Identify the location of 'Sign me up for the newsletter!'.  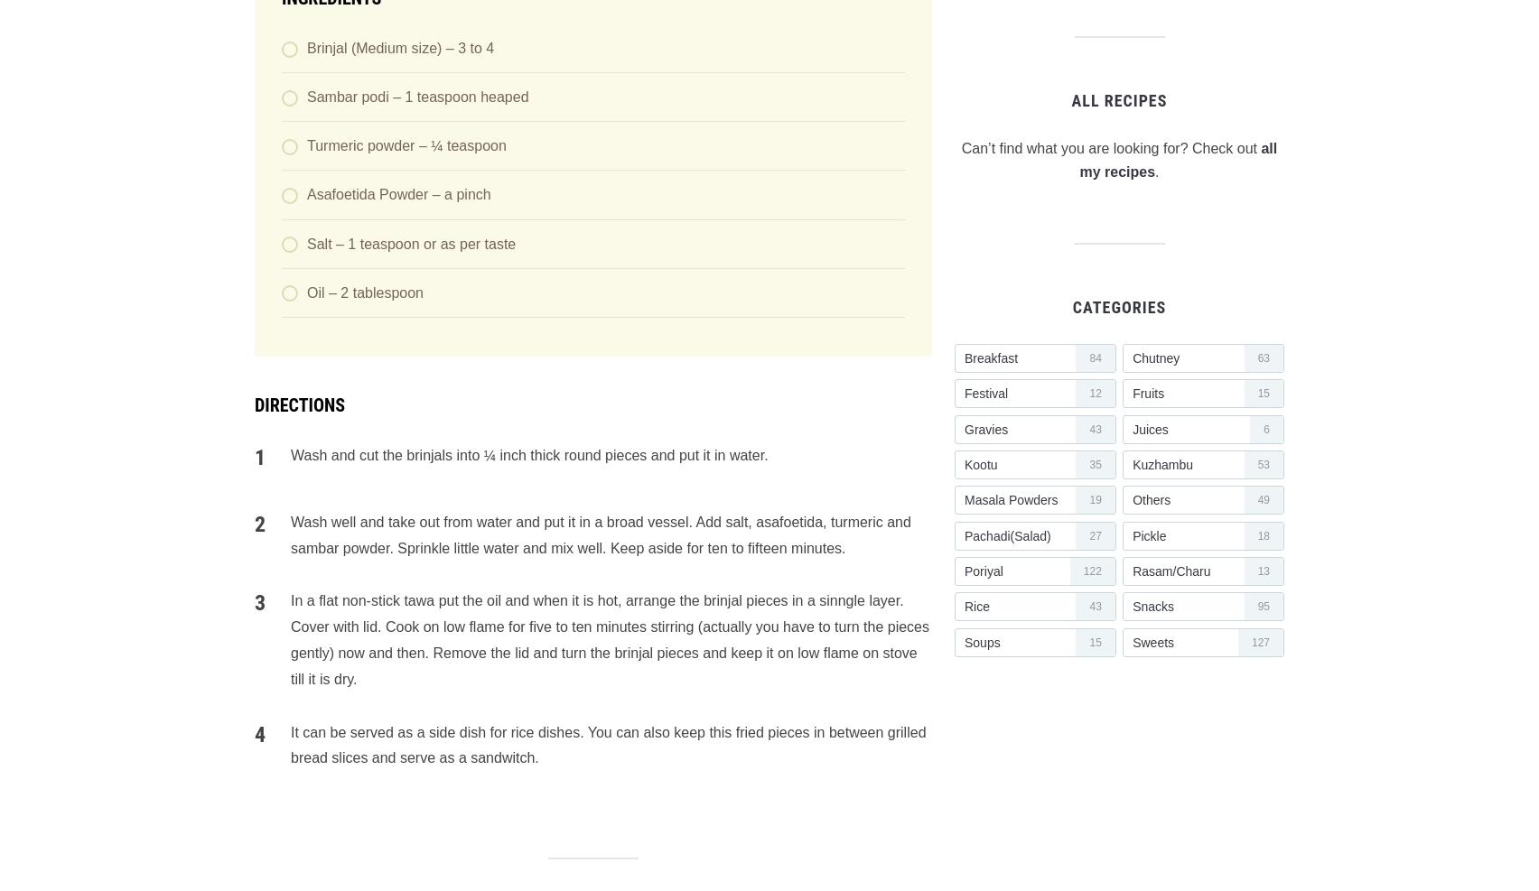
(374, 616).